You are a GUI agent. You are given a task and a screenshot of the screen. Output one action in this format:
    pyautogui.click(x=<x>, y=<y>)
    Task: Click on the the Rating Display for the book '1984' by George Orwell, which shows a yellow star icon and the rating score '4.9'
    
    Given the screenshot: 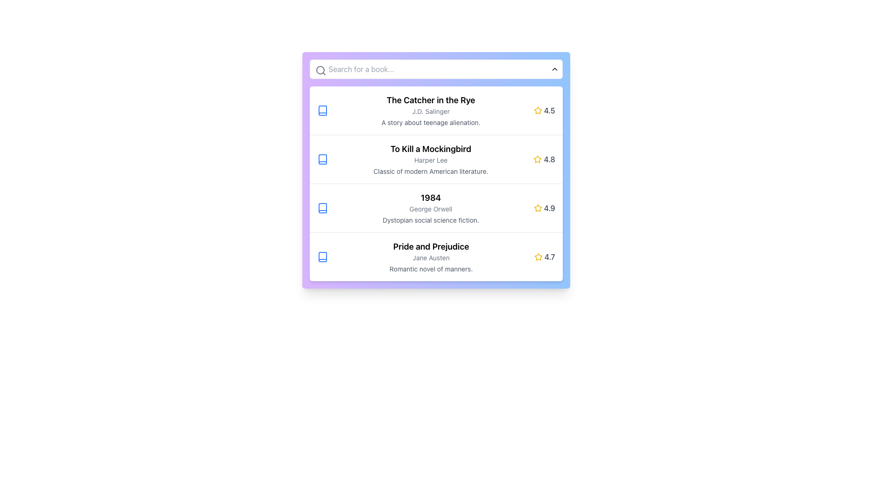 What is the action you would take?
    pyautogui.click(x=544, y=207)
    